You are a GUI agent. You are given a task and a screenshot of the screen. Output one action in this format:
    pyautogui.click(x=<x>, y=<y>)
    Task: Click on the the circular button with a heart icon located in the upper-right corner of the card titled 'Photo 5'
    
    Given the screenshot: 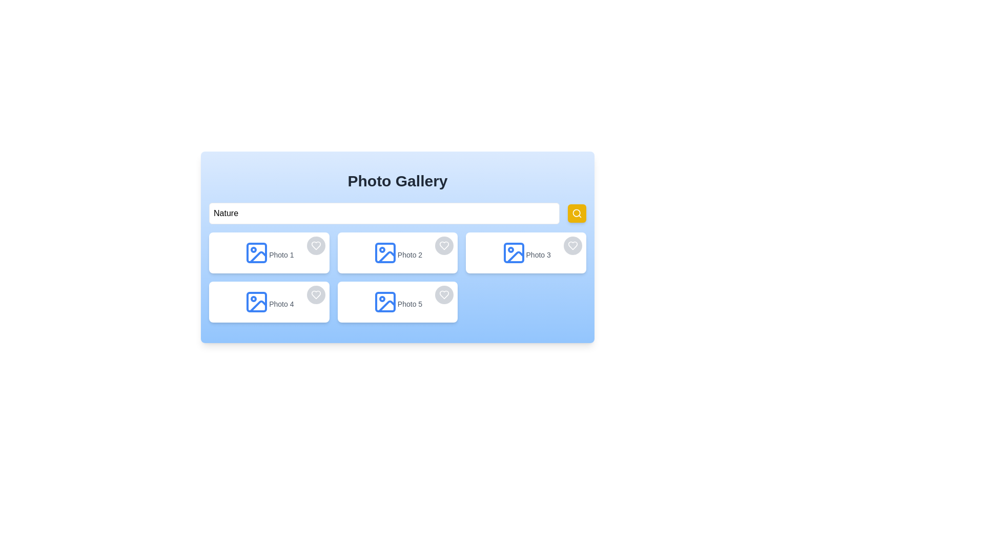 What is the action you would take?
    pyautogui.click(x=444, y=294)
    